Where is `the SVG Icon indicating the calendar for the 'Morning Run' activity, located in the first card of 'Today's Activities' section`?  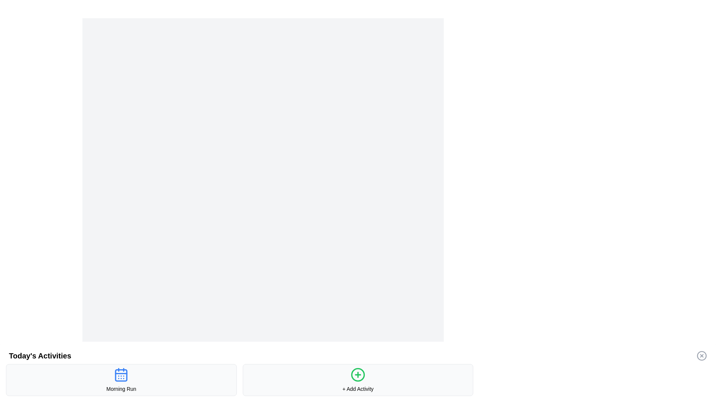
the SVG Icon indicating the calendar for the 'Morning Run' activity, located in the first card of 'Today's Activities' section is located at coordinates (121, 374).